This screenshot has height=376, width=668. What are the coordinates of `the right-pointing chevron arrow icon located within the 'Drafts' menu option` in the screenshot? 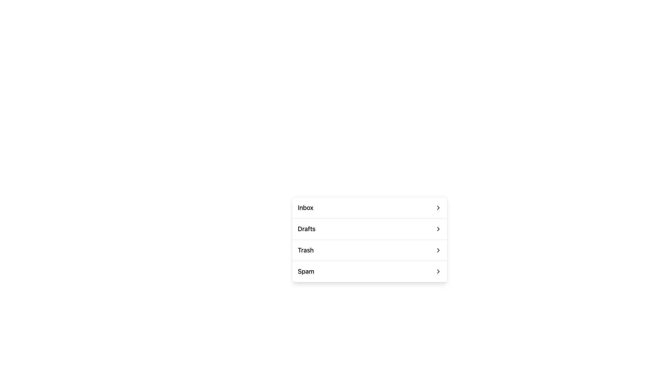 It's located at (438, 229).